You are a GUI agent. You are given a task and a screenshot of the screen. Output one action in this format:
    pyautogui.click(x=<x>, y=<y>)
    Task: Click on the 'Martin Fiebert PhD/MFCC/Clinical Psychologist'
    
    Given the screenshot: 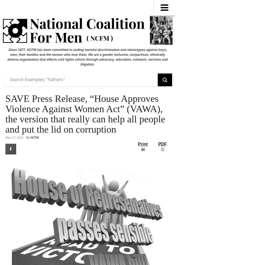 What is the action you would take?
    pyautogui.click(x=219, y=209)
    